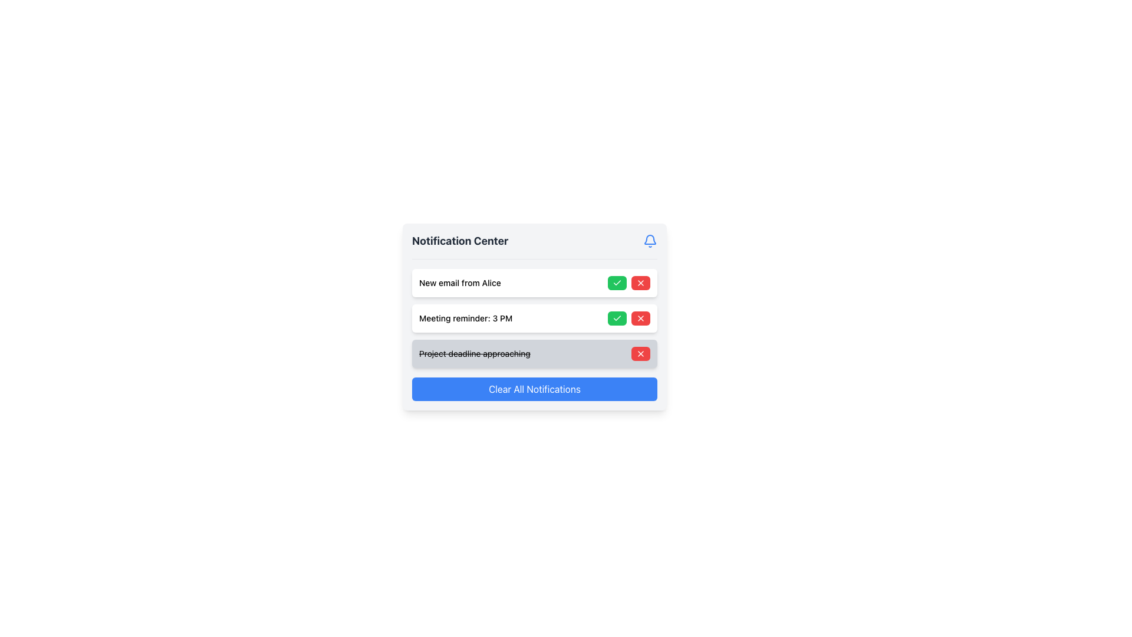 The width and height of the screenshot is (1132, 637). Describe the element at coordinates (465, 318) in the screenshot. I see `the text label that describes the 'Meeting reminder: 3 PM' notification in the Notification Center, which is the second entry in the list` at that location.